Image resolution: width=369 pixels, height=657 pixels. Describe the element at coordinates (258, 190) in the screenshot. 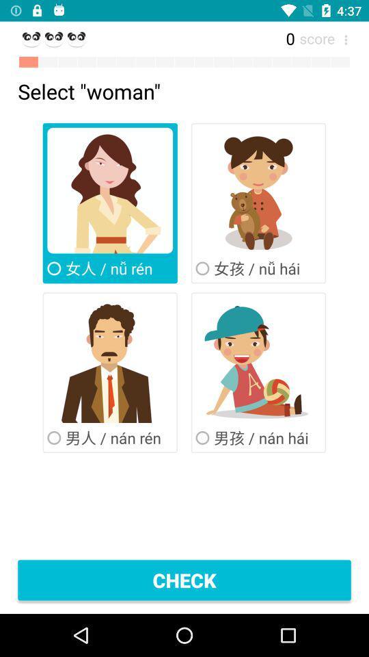

I see `the 2nd image of 1st row` at that location.